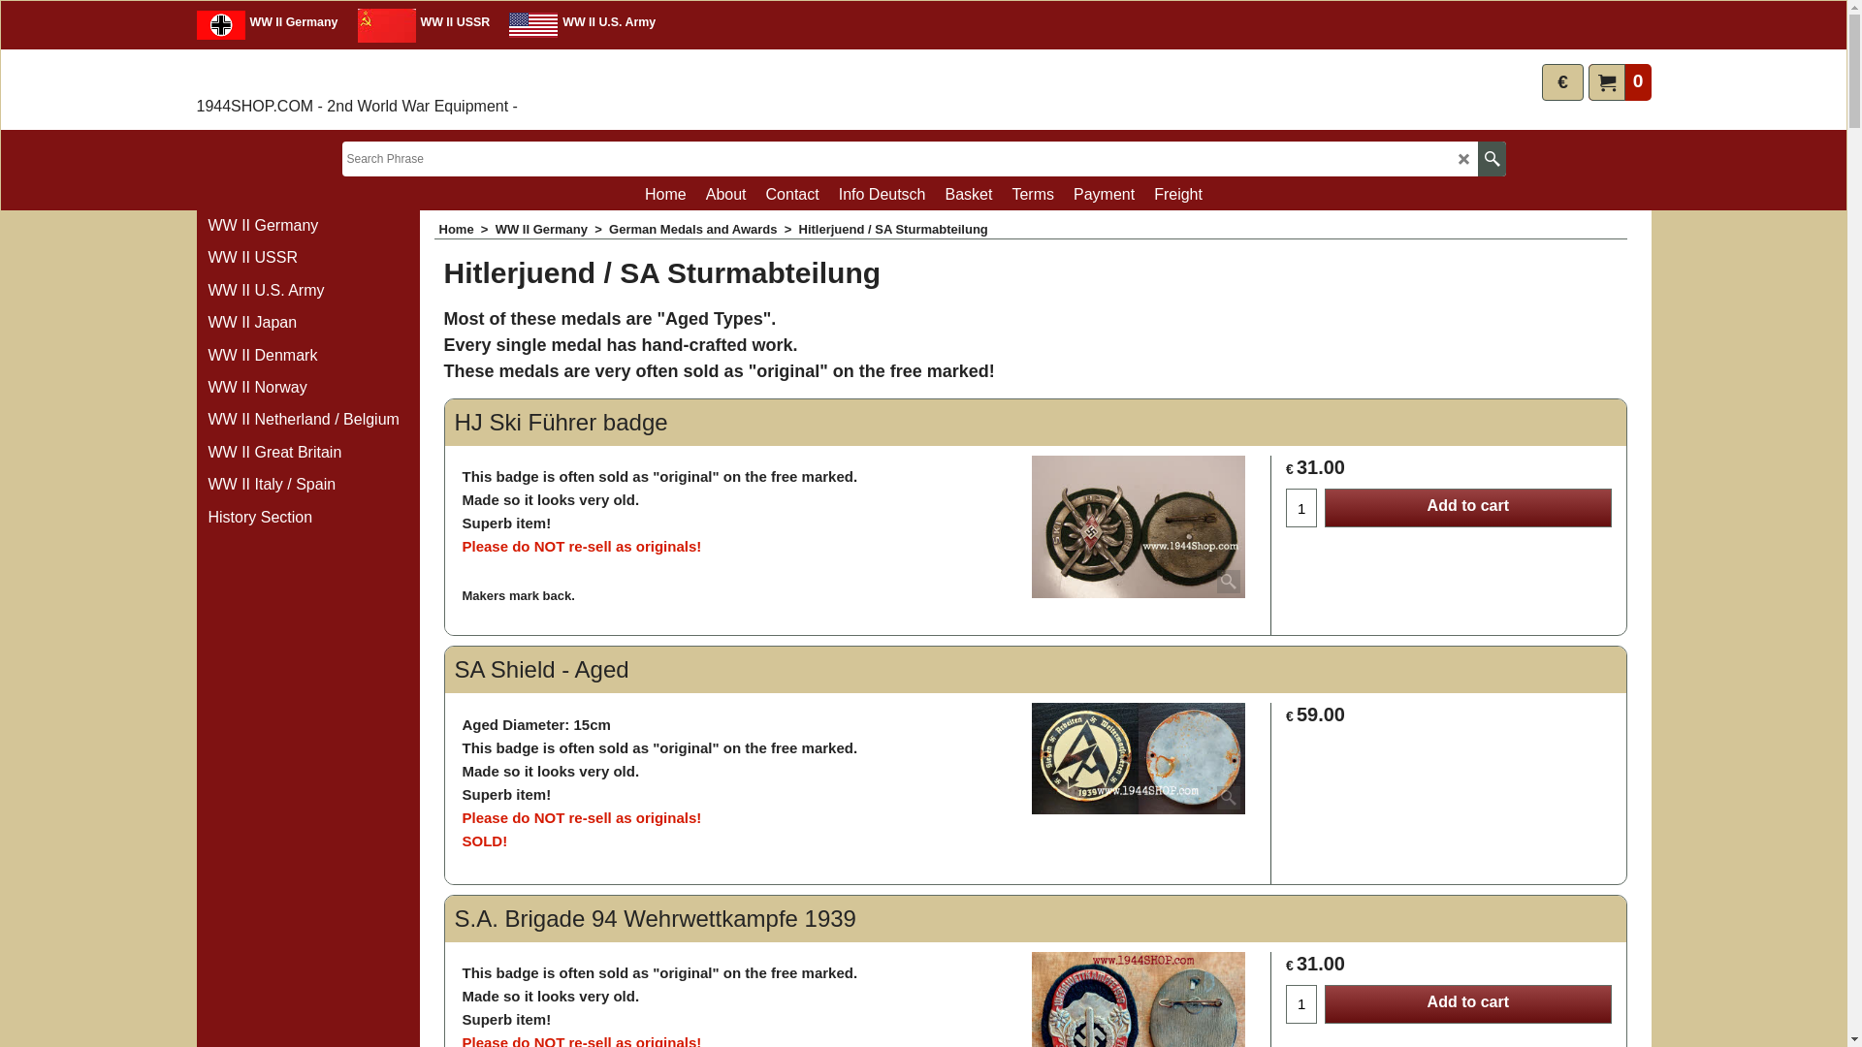  What do you see at coordinates (422, 25) in the screenshot?
I see `'WW II USSR'` at bounding box center [422, 25].